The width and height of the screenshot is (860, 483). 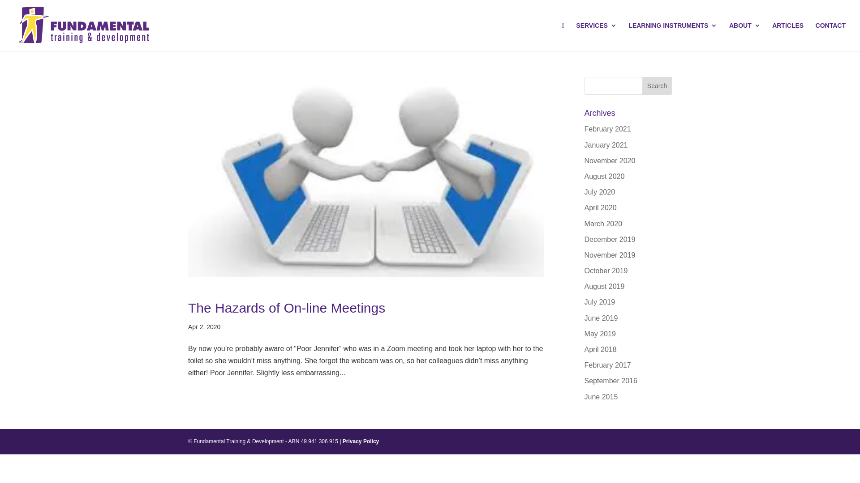 I want to click on 'May 2019', so click(x=600, y=334).